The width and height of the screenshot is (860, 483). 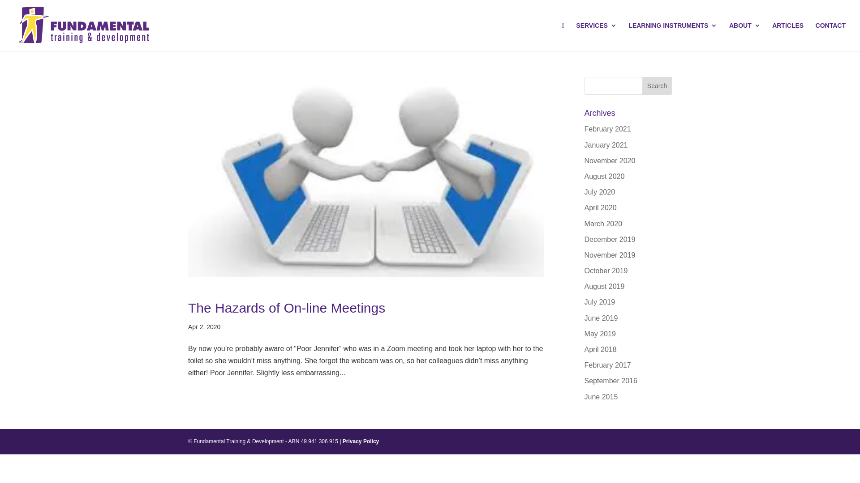 I want to click on 'May 2019', so click(x=600, y=334).